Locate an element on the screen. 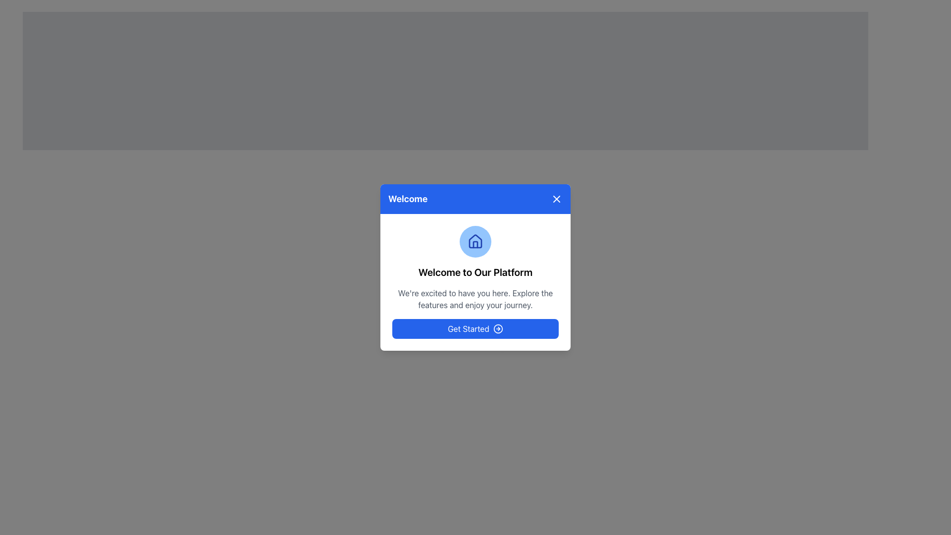 The height and width of the screenshot is (535, 951). the house icon with a blue outline located in the top section of the 'Welcome' modal dialog is located at coordinates (475, 242).